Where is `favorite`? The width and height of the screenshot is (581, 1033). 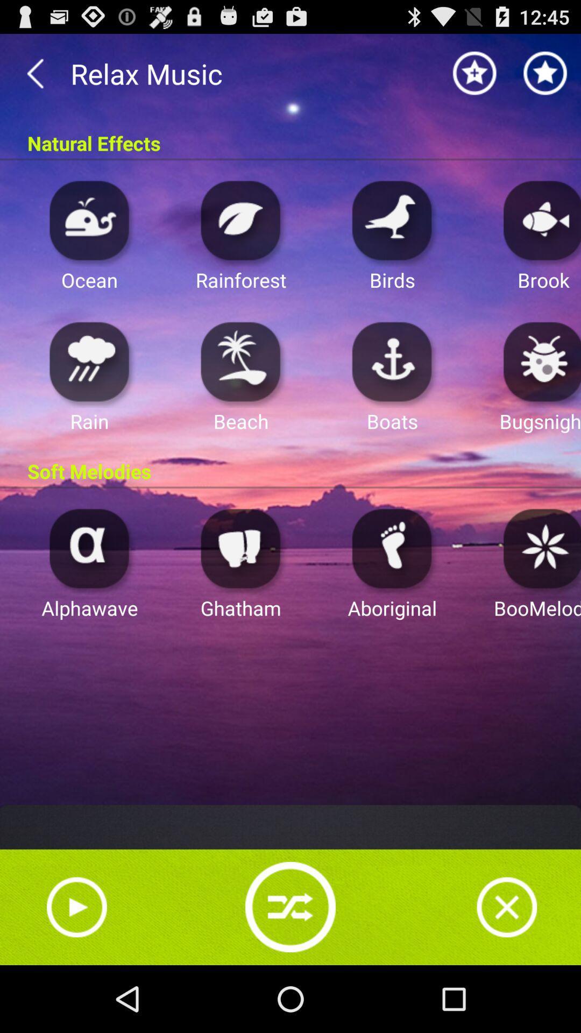
favorite is located at coordinates (545, 73).